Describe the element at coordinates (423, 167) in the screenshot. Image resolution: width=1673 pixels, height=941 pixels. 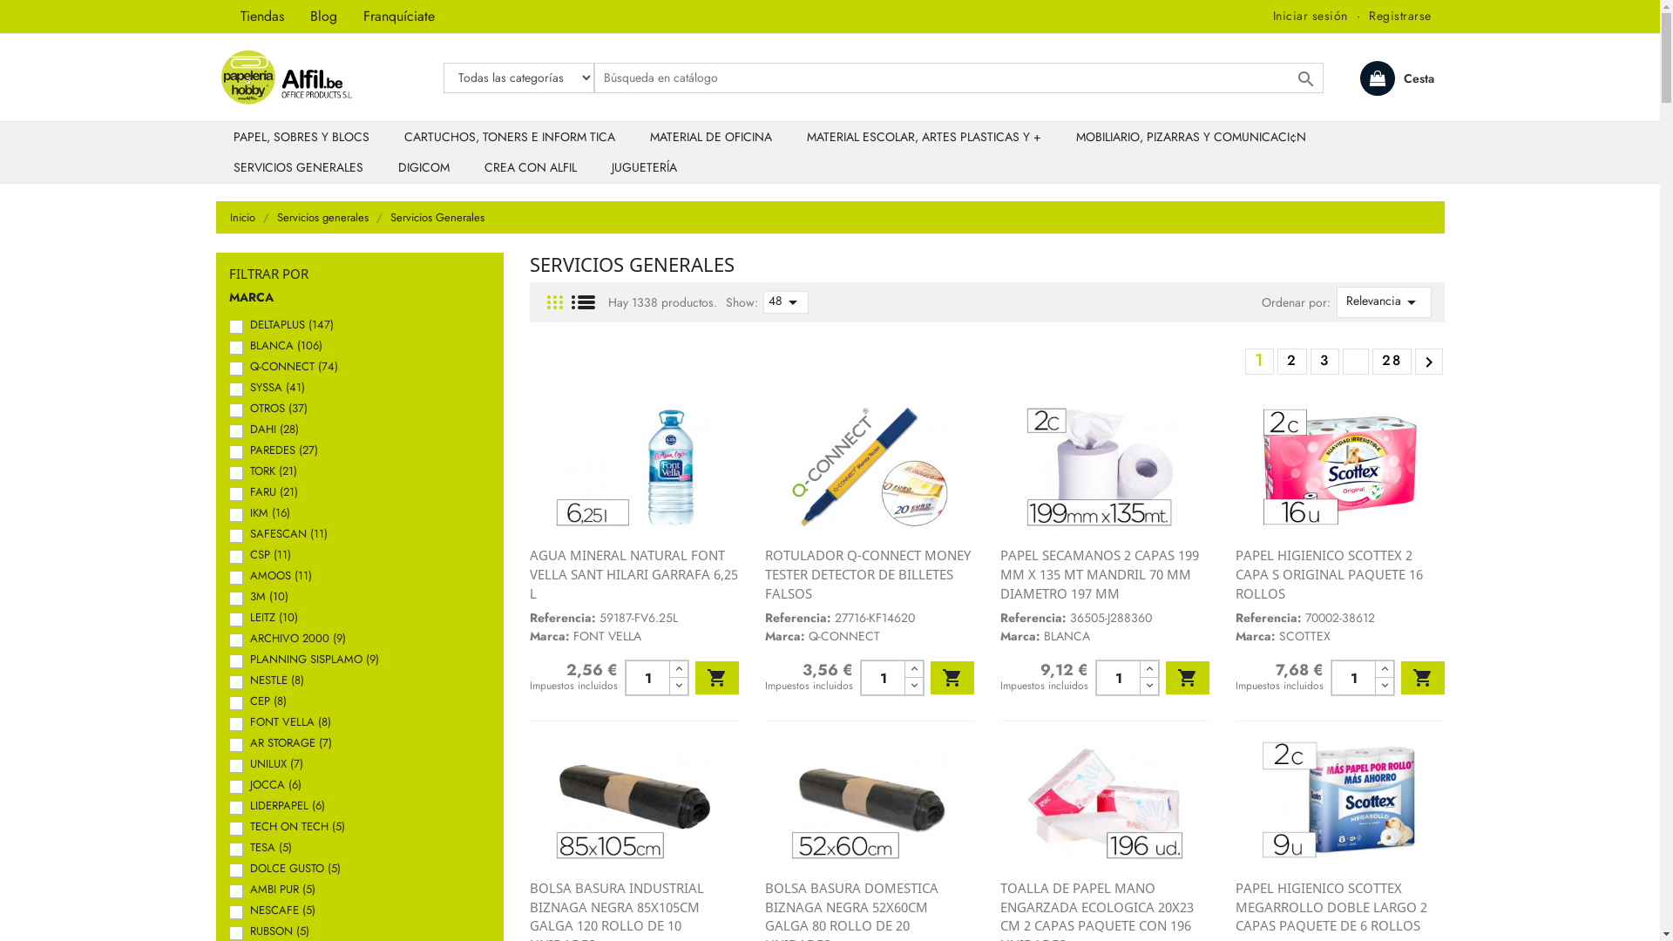
I see `'DIGICOM'` at that location.